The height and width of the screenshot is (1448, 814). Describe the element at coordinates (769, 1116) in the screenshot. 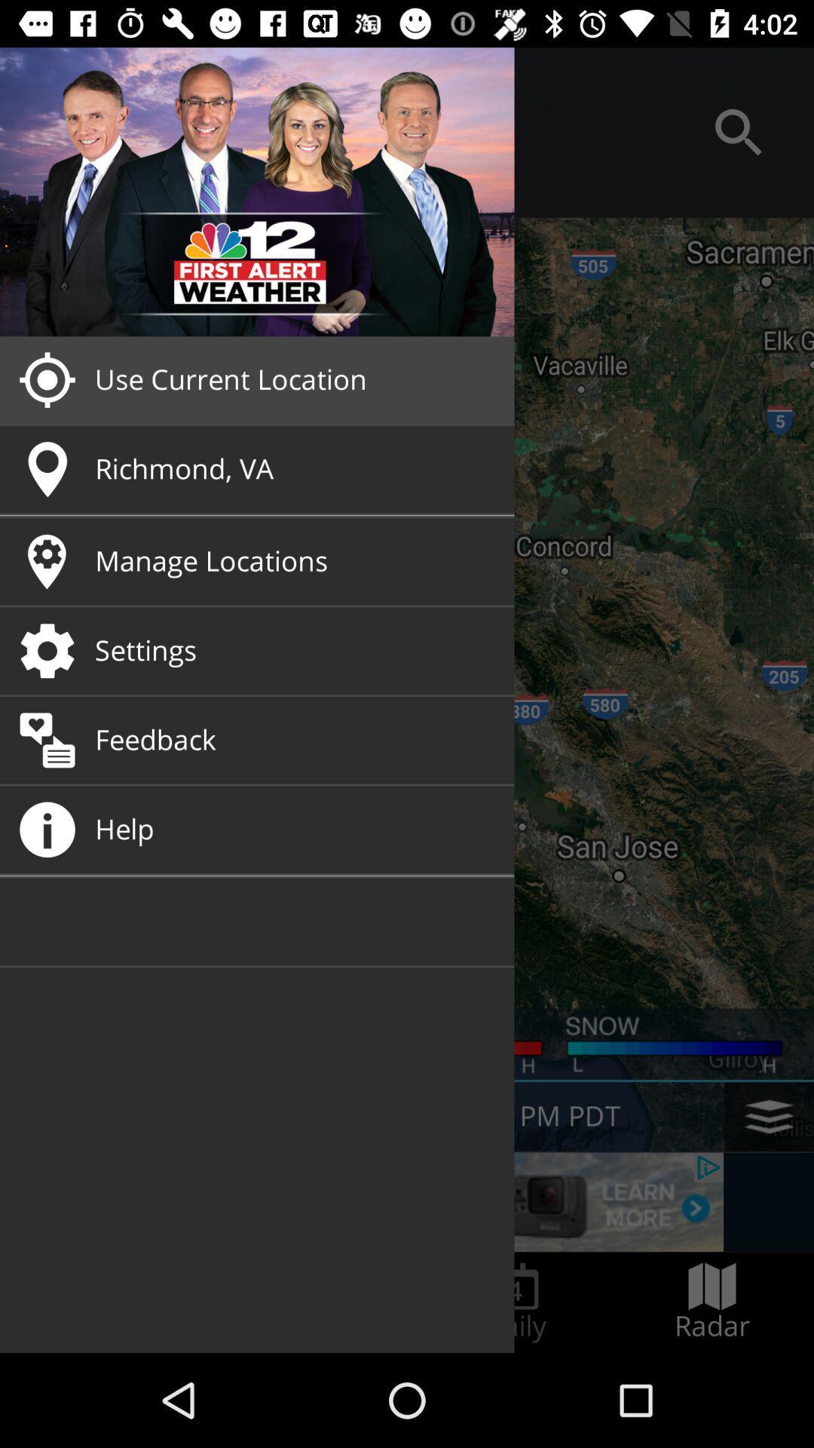

I see `the layers icon` at that location.